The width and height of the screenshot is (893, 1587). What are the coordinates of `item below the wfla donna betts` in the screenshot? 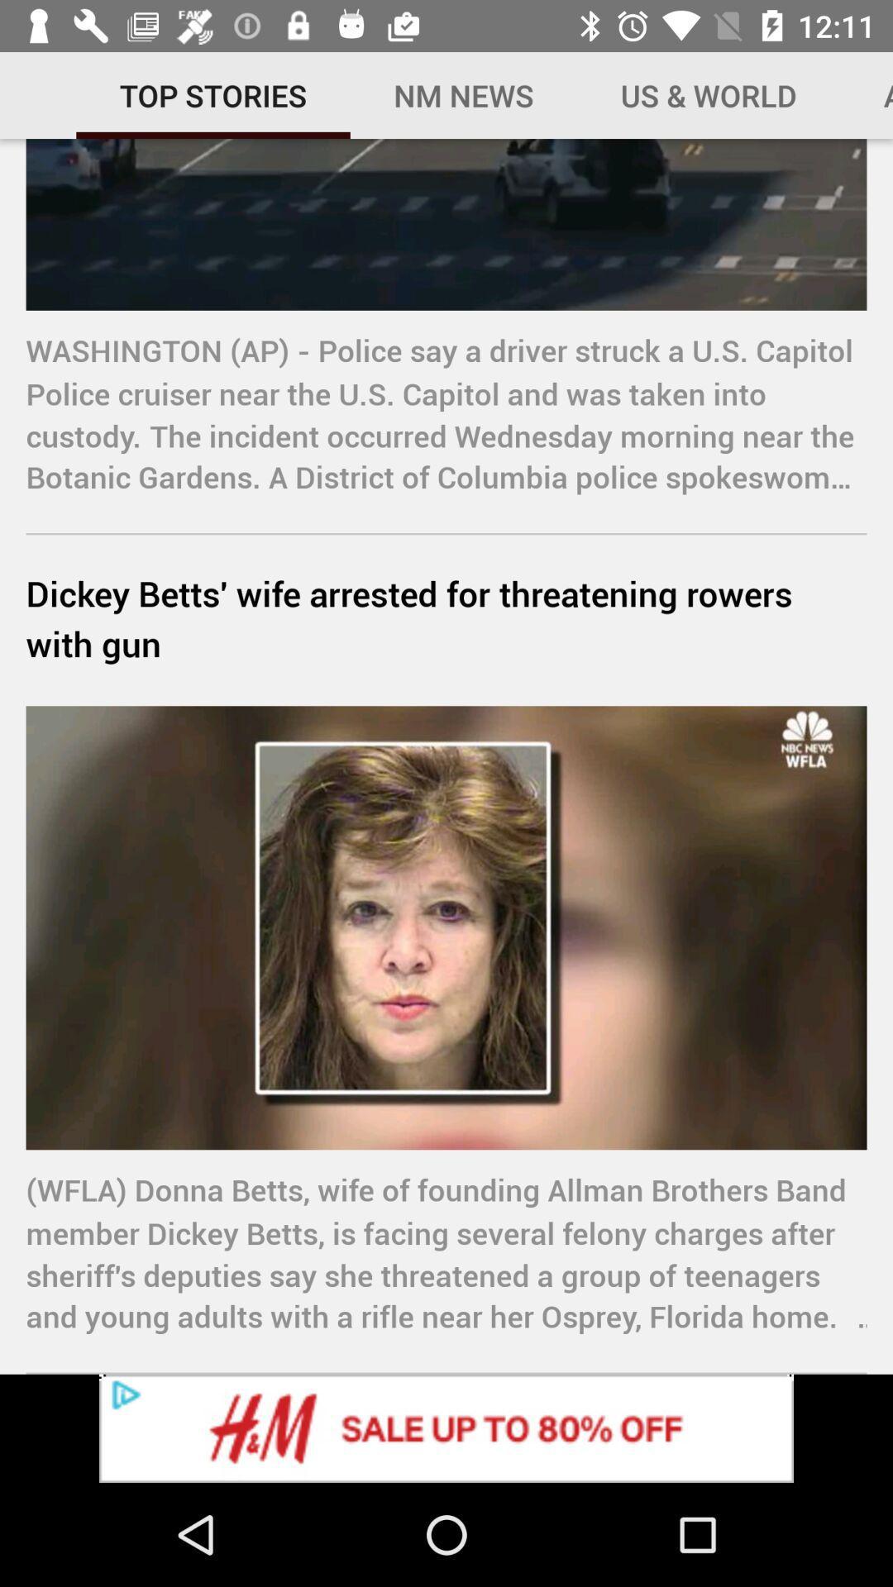 It's located at (446, 1427).